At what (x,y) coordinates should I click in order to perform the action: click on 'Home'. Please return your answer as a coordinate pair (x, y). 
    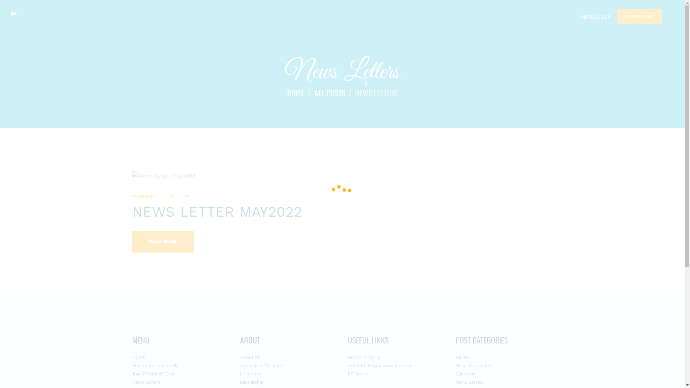
    Looking at the image, I should click on (138, 357).